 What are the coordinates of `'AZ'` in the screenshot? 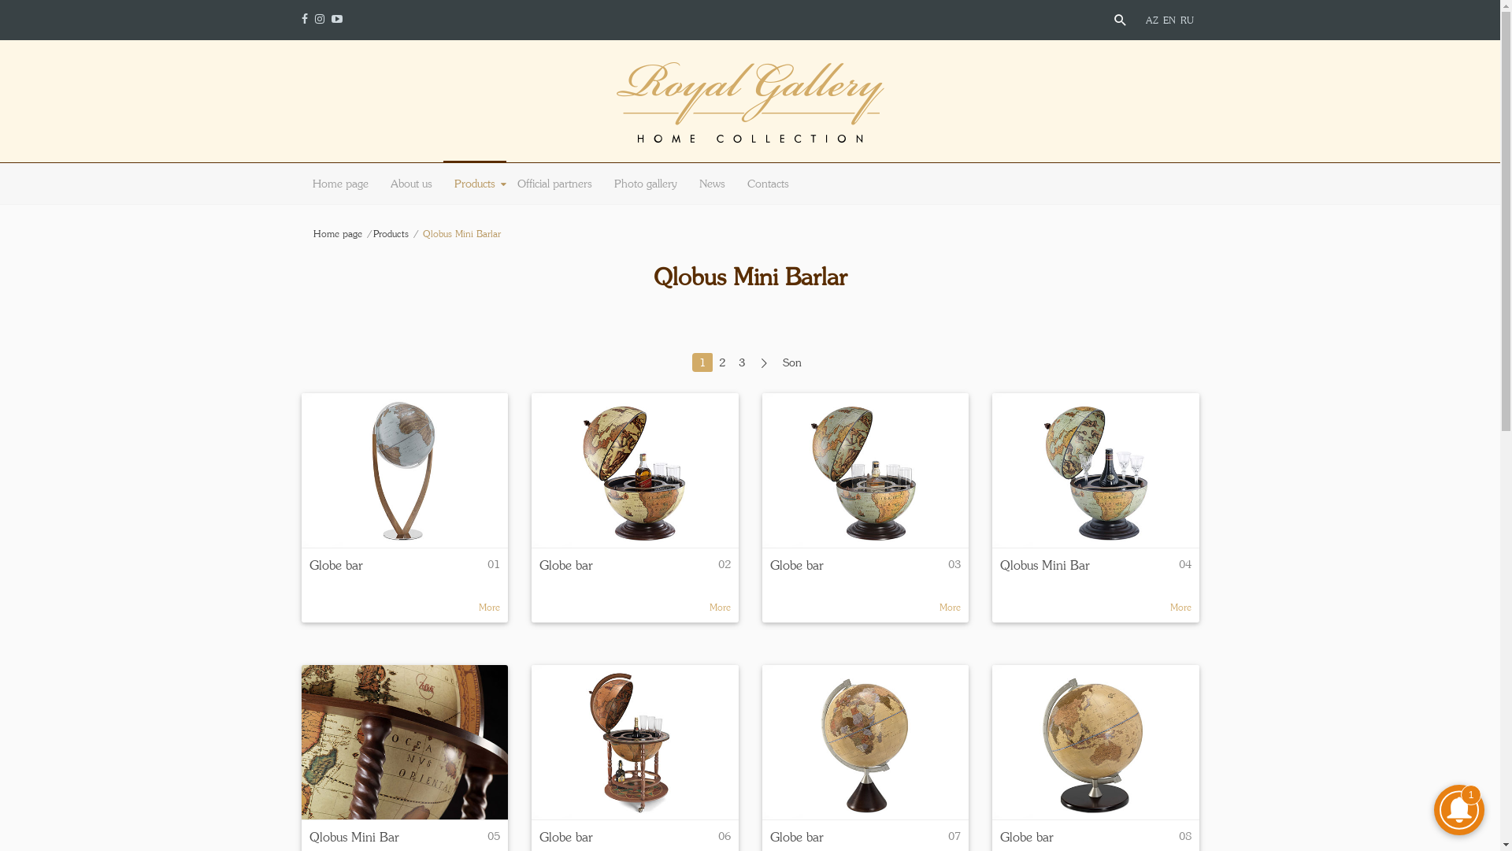 It's located at (1153, 20).